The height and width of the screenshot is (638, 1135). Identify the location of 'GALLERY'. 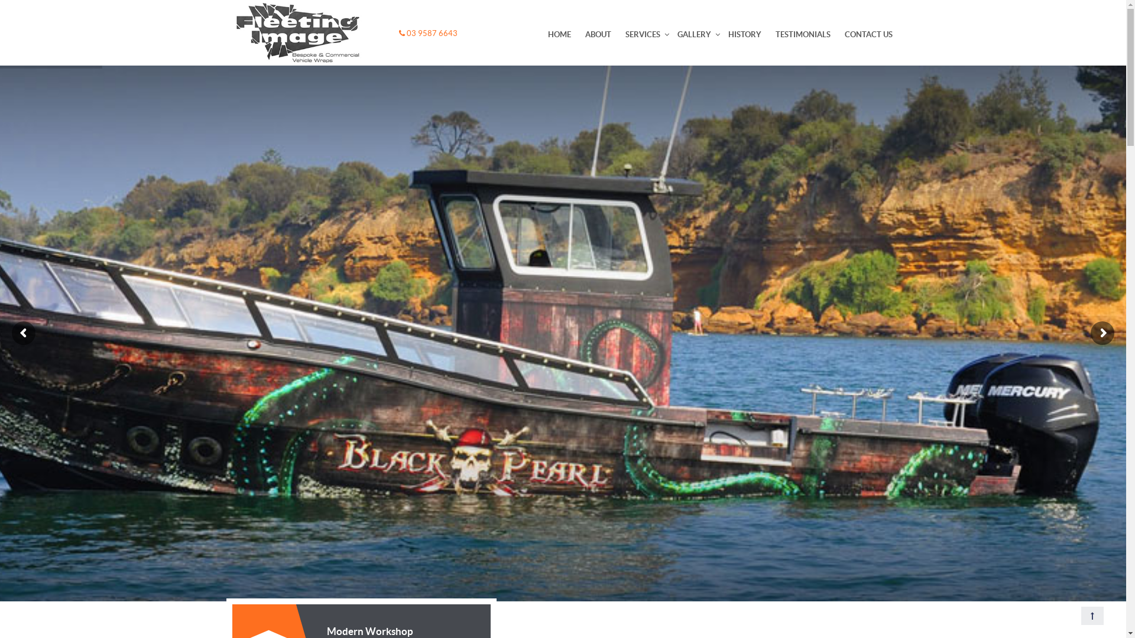
(670, 34).